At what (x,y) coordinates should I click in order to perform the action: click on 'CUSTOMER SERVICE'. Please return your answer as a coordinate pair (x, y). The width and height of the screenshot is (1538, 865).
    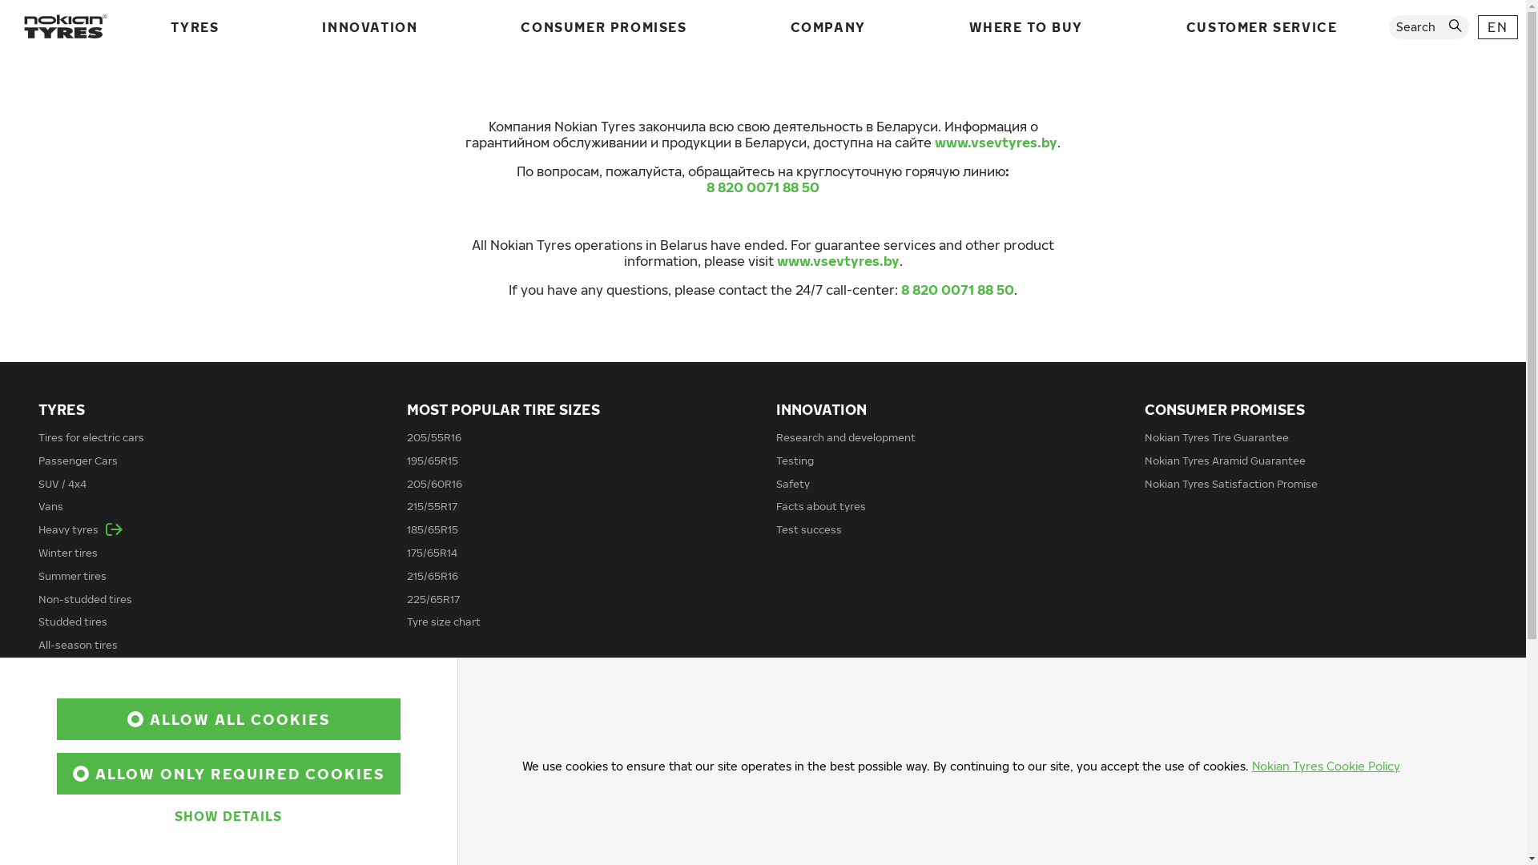
    Looking at the image, I should click on (1261, 27).